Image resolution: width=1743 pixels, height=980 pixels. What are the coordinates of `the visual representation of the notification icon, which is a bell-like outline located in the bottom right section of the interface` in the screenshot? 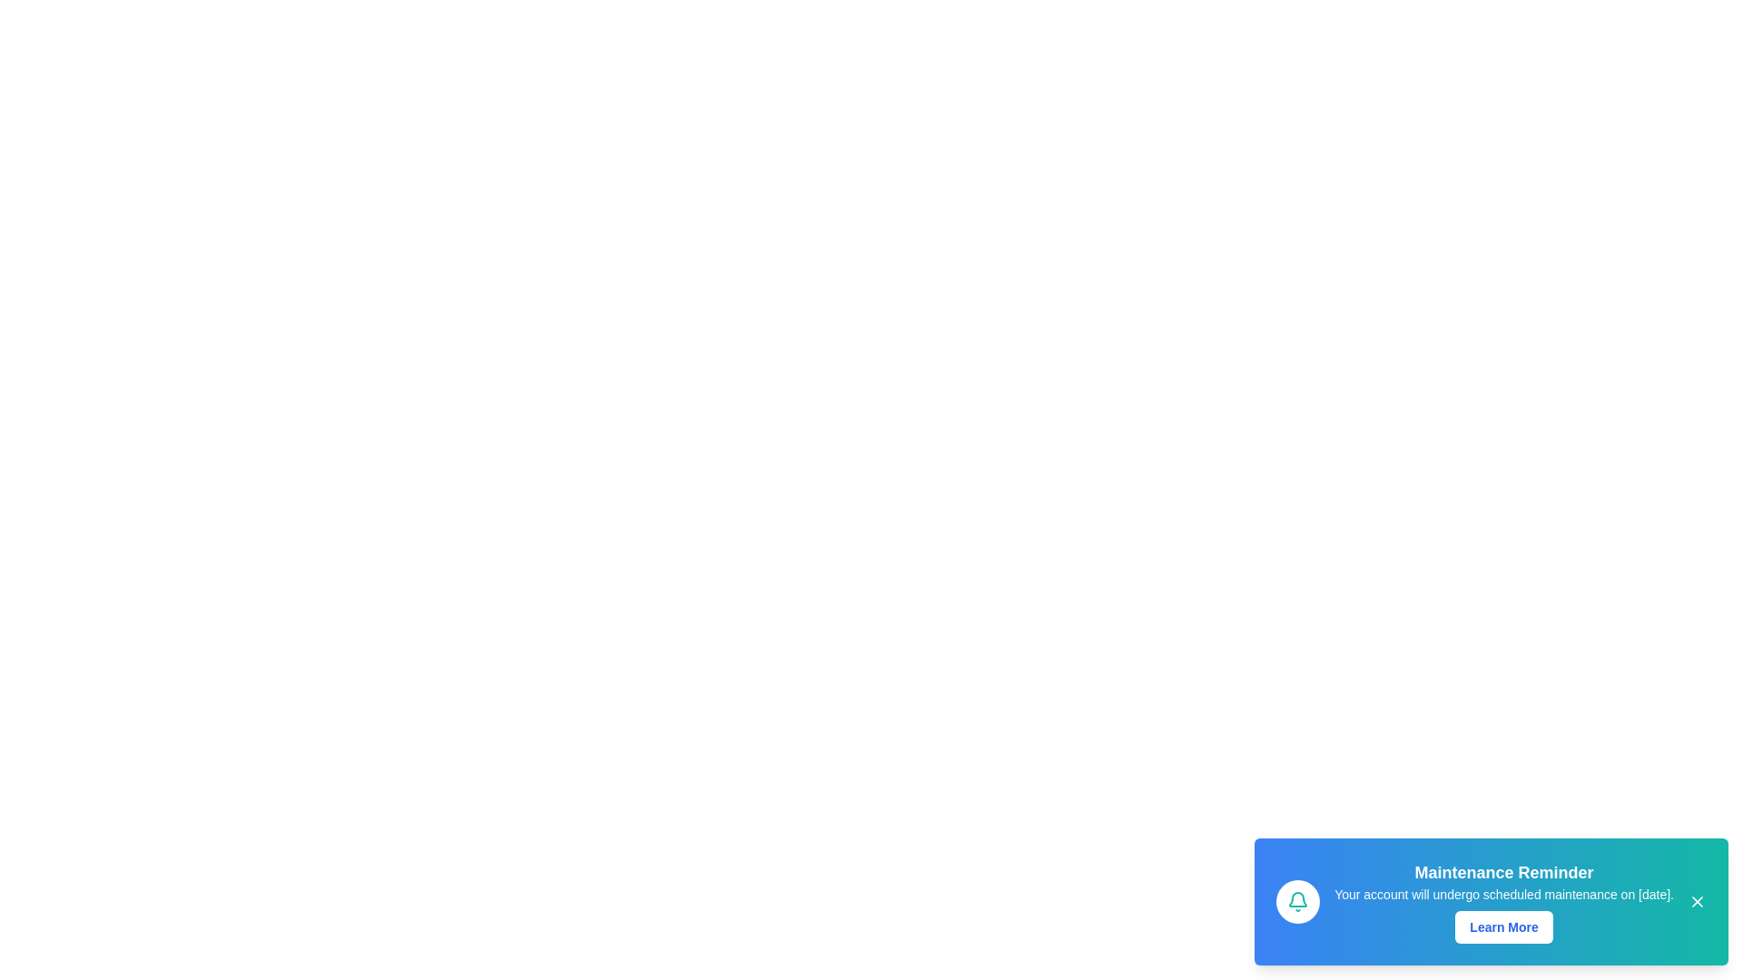 It's located at (1297, 899).